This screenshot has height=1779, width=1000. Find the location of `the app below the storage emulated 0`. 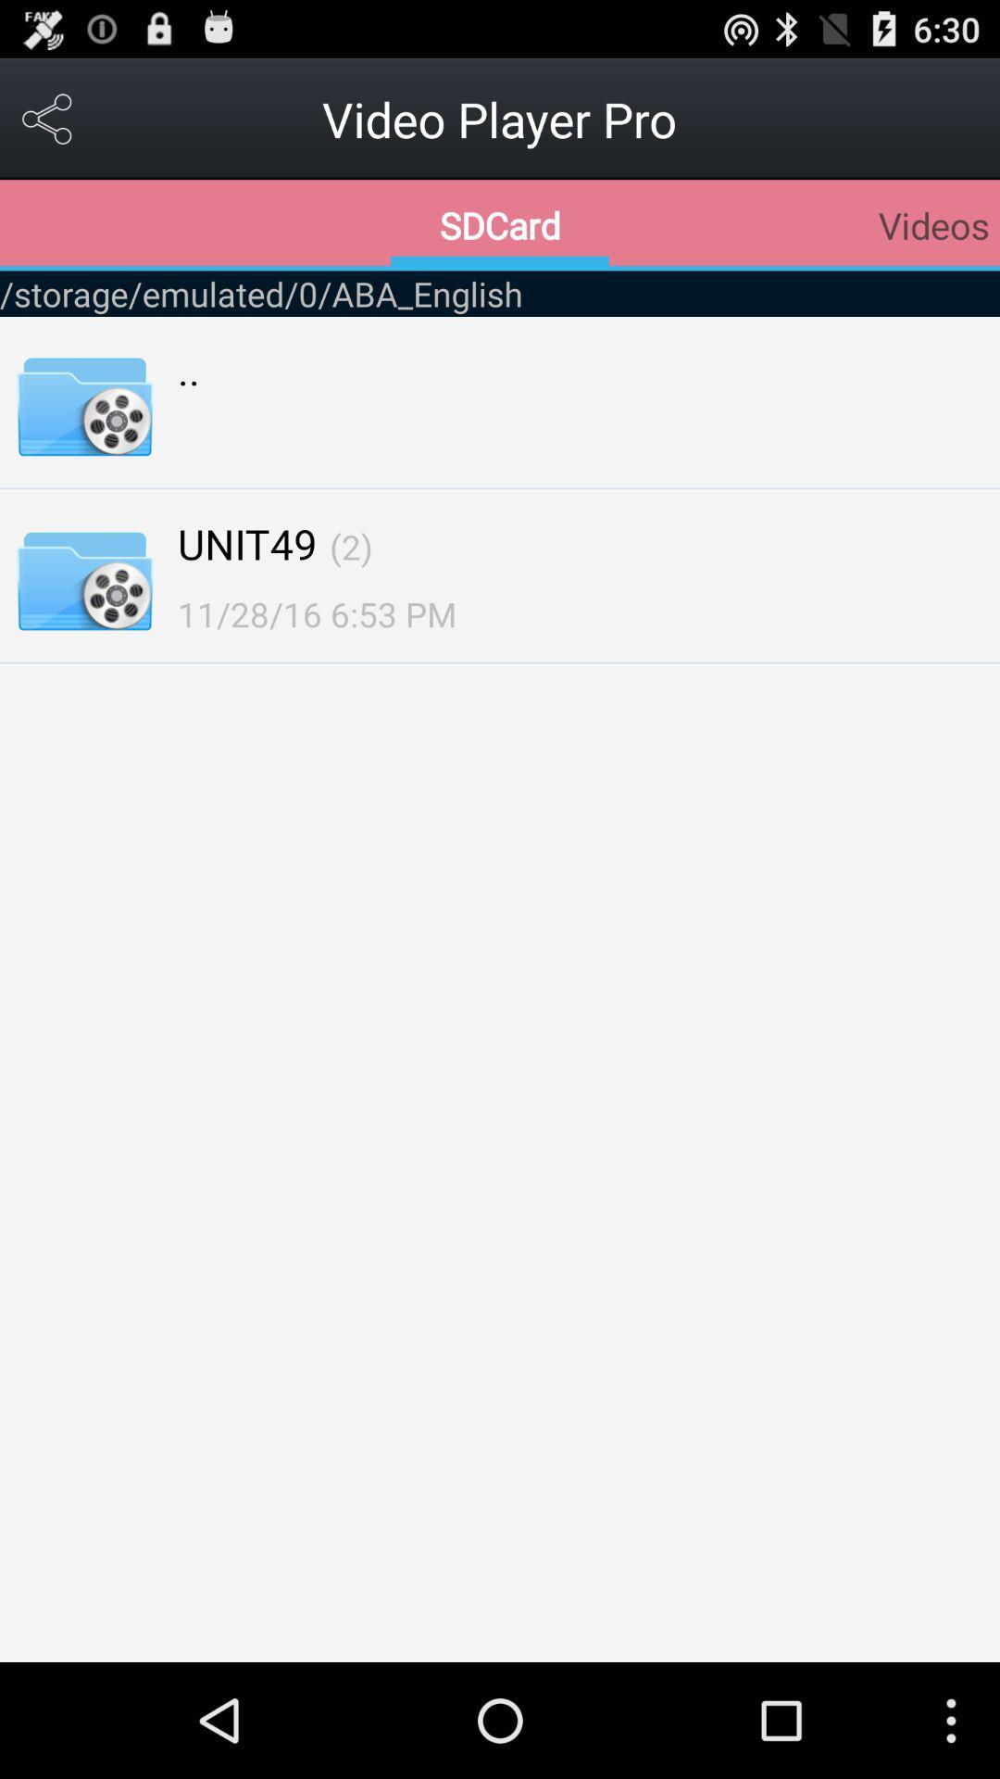

the app below the storage emulated 0 is located at coordinates (351, 546).